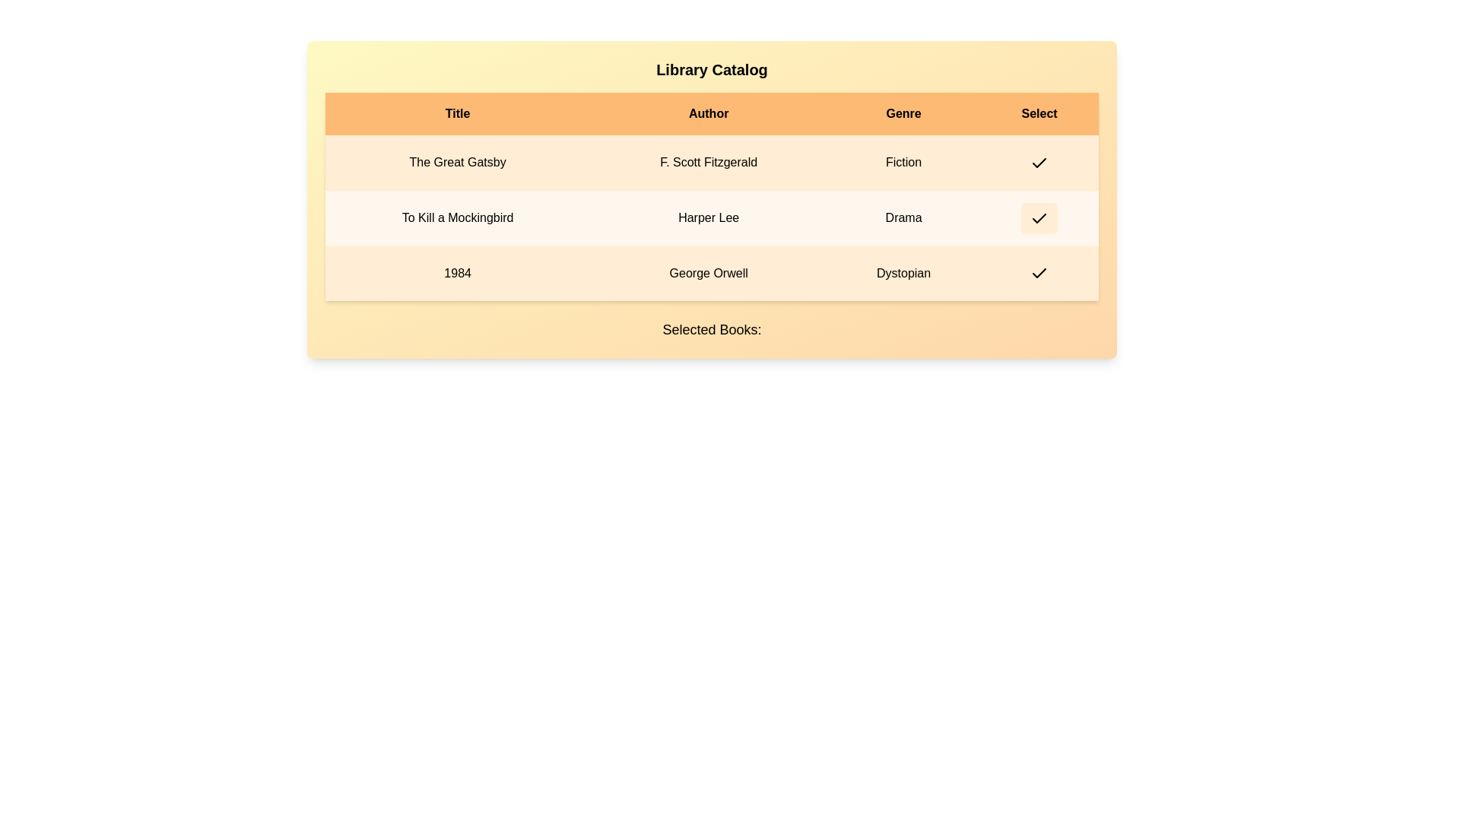 The image size is (1460, 821). Describe the element at coordinates (711, 329) in the screenshot. I see `the text label reading 'Selected Books:' which is styled in a medium-sized bold font and is positioned at the bottom of the 'Library Catalog' section` at that location.